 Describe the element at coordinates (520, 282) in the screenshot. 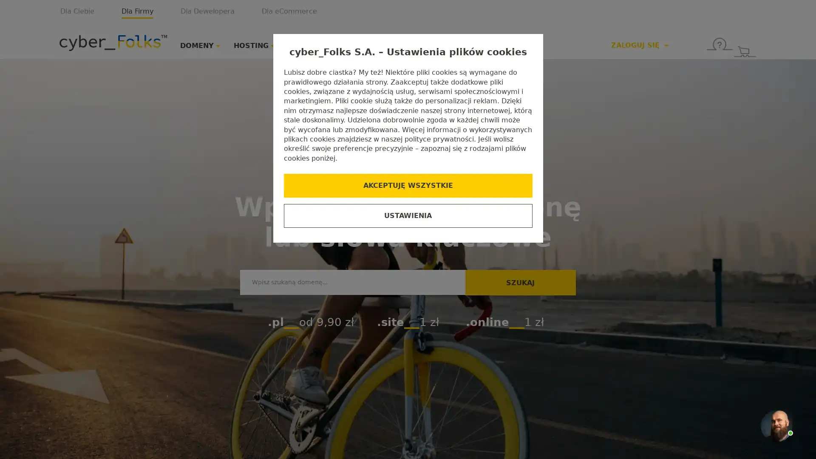

I see `SZUKAJ` at that location.